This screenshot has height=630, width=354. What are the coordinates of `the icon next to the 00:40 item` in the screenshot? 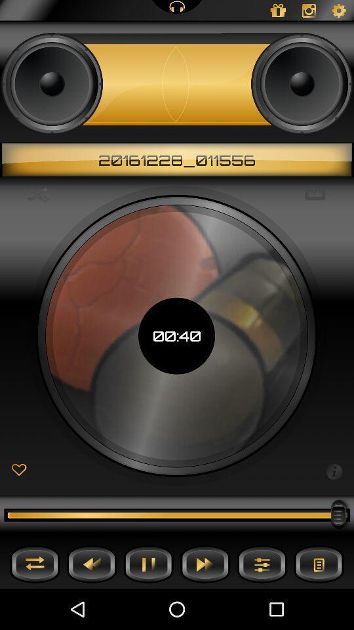 It's located at (334, 471).